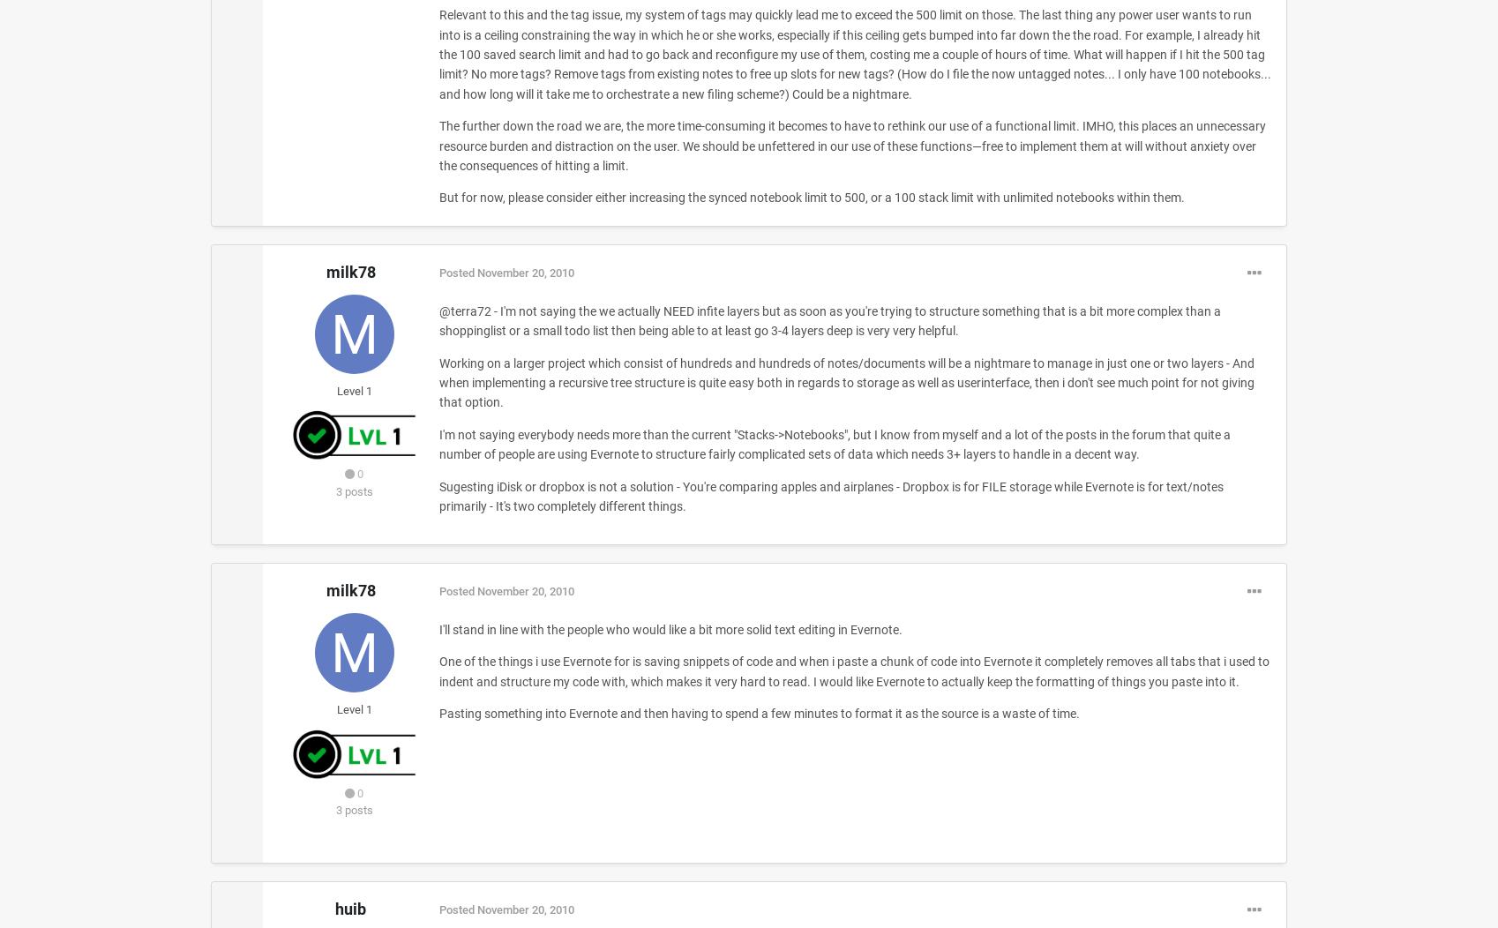 This screenshot has height=928, width=1498. I want to click on 'I'm not saying everybody needs more than the current "Stacks->Notebooks", but I know from myself and a lot of the posts in the forum that quite a number of people are using Evernote to structure fairly complicated sets of data which needs 3+ layers to handle in a decent way.', so click(833, 443).